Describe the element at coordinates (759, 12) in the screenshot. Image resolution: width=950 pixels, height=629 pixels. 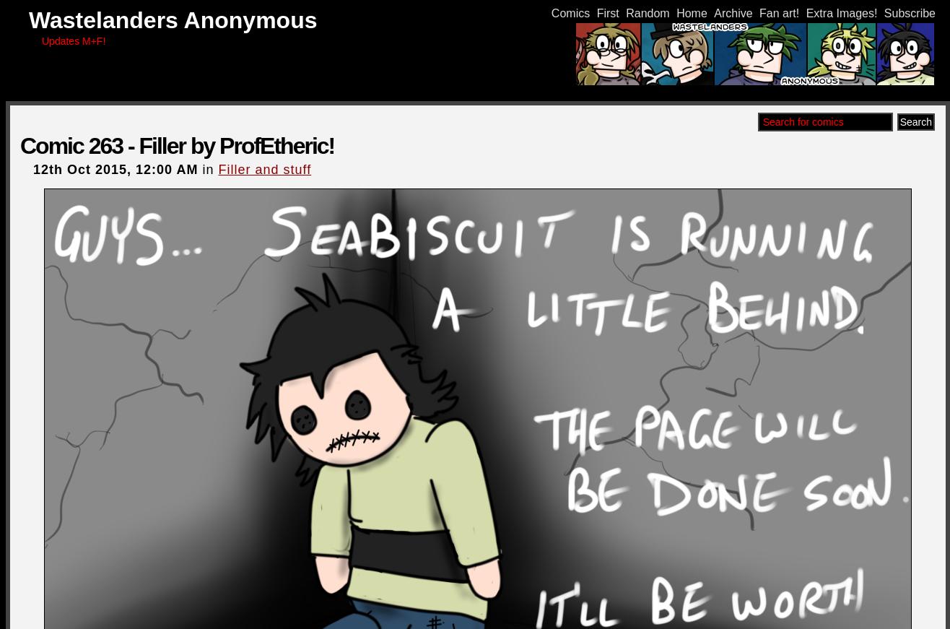
I see `'Fan art!'` at that location.